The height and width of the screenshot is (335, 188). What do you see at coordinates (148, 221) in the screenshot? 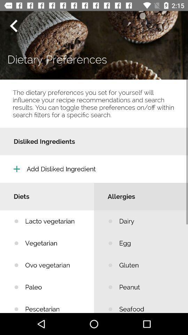
I see `the icon below the allergies item` at bounding box center [148, 221].